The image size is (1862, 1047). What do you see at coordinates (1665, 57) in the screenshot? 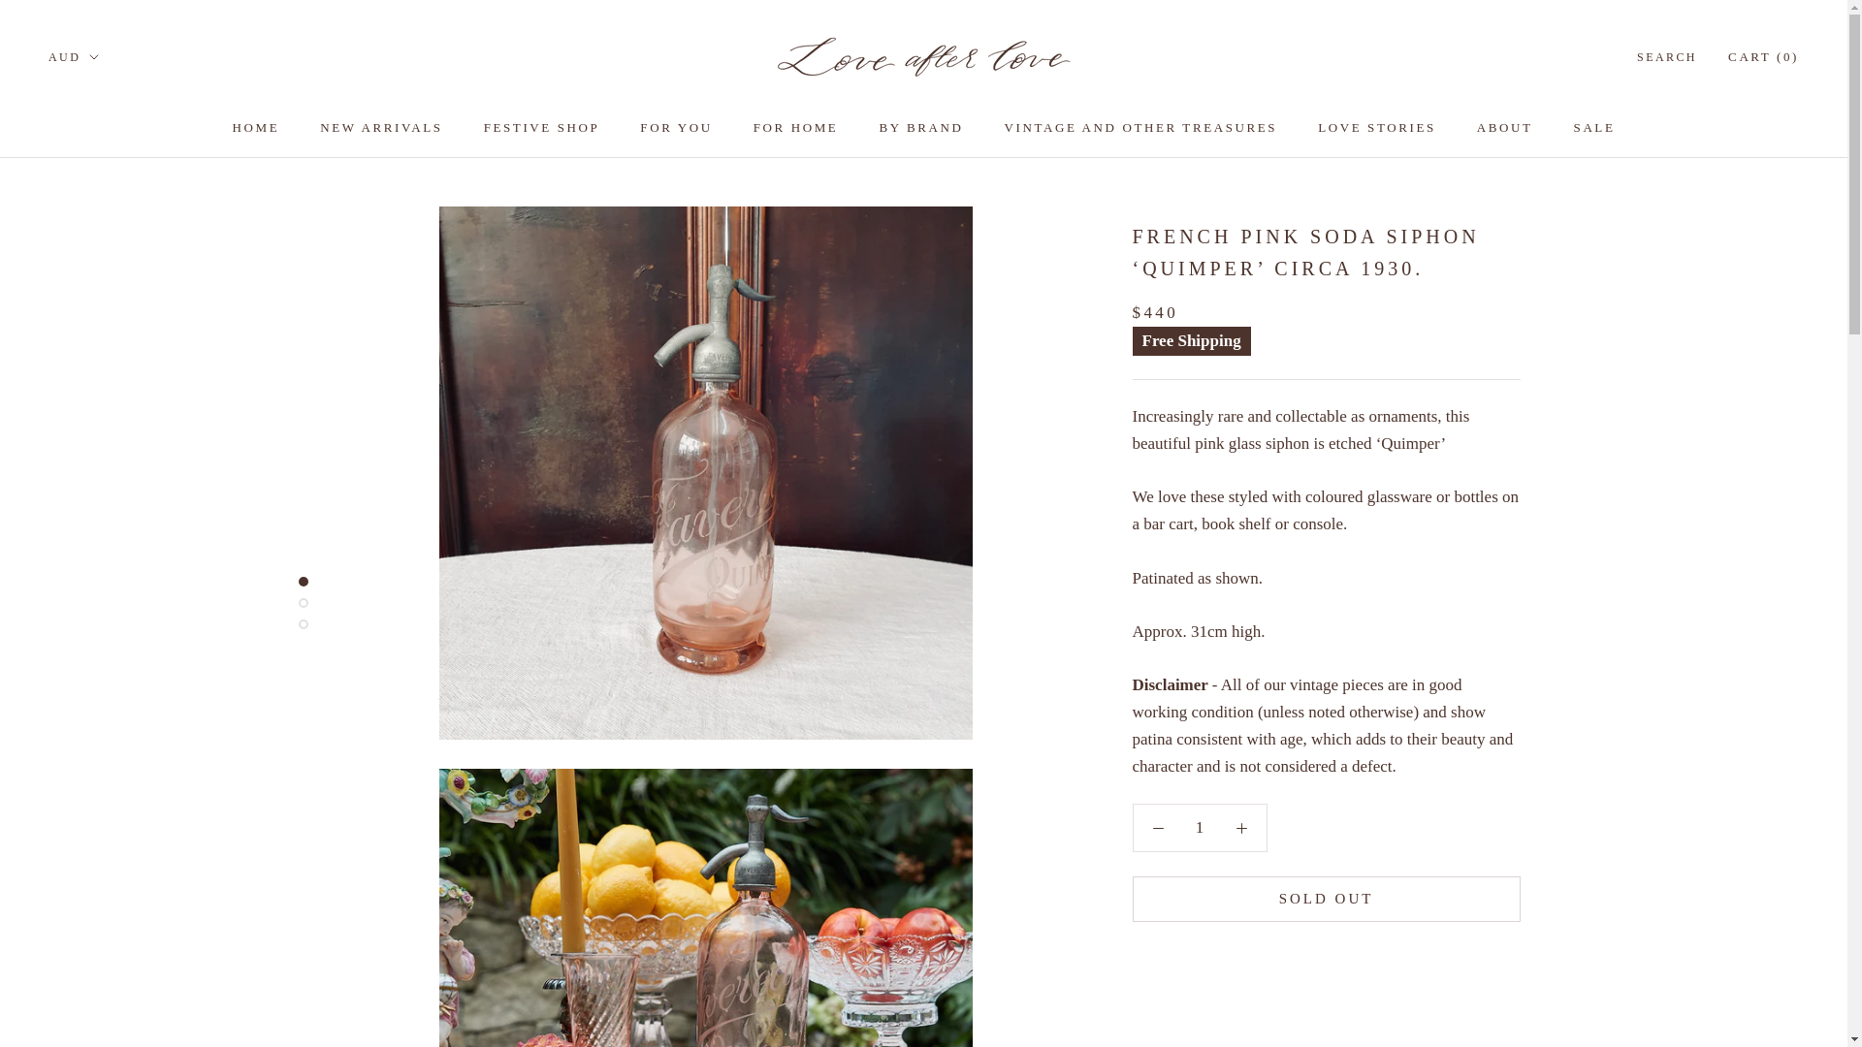
I see `'SEARCH'` at bounding box center [1665, 57].